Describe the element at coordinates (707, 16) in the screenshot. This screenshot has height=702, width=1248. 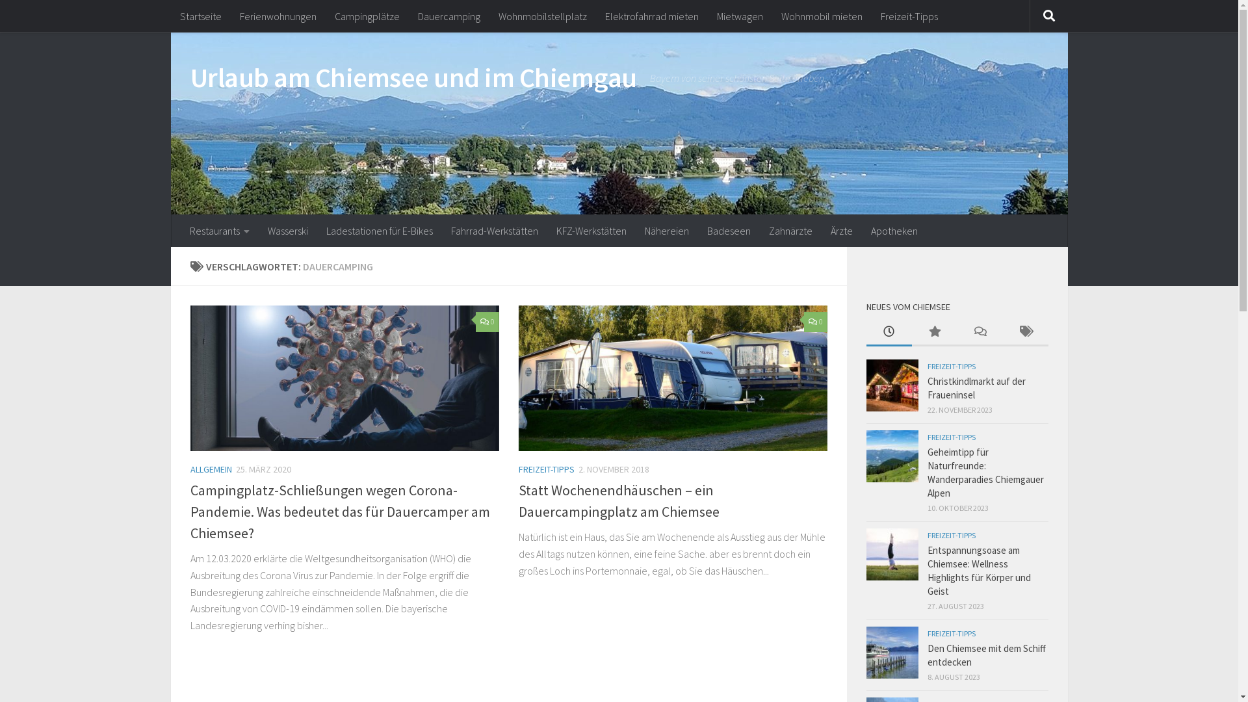
I see `'Mietwagen'` at that location.